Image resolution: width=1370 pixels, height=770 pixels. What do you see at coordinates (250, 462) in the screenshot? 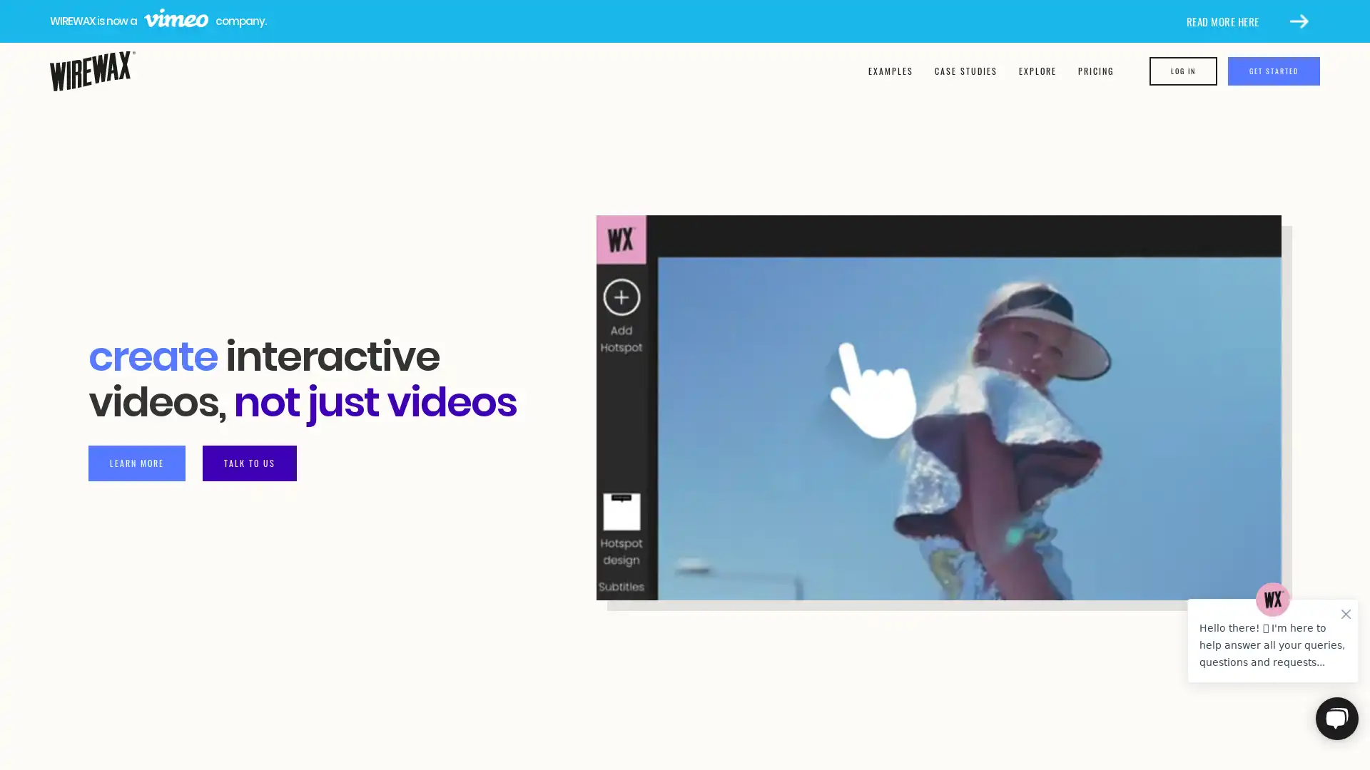
I see `TALK TO US` at bounding box center [250, 462].